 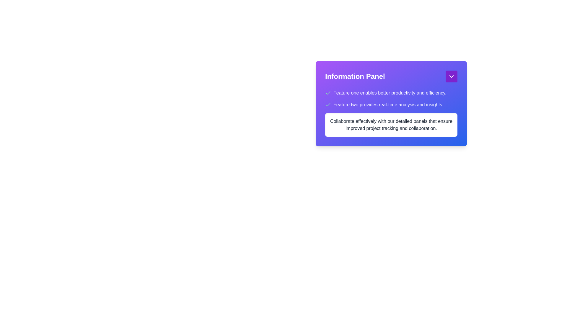 What do you see at coordinates (391, 125) in the screenshot?
I see `the descriptive text content about collaboration and project tracking, which is non-interactive and located within a white card in a purple section of the interface` at bounding box center [391, 125].